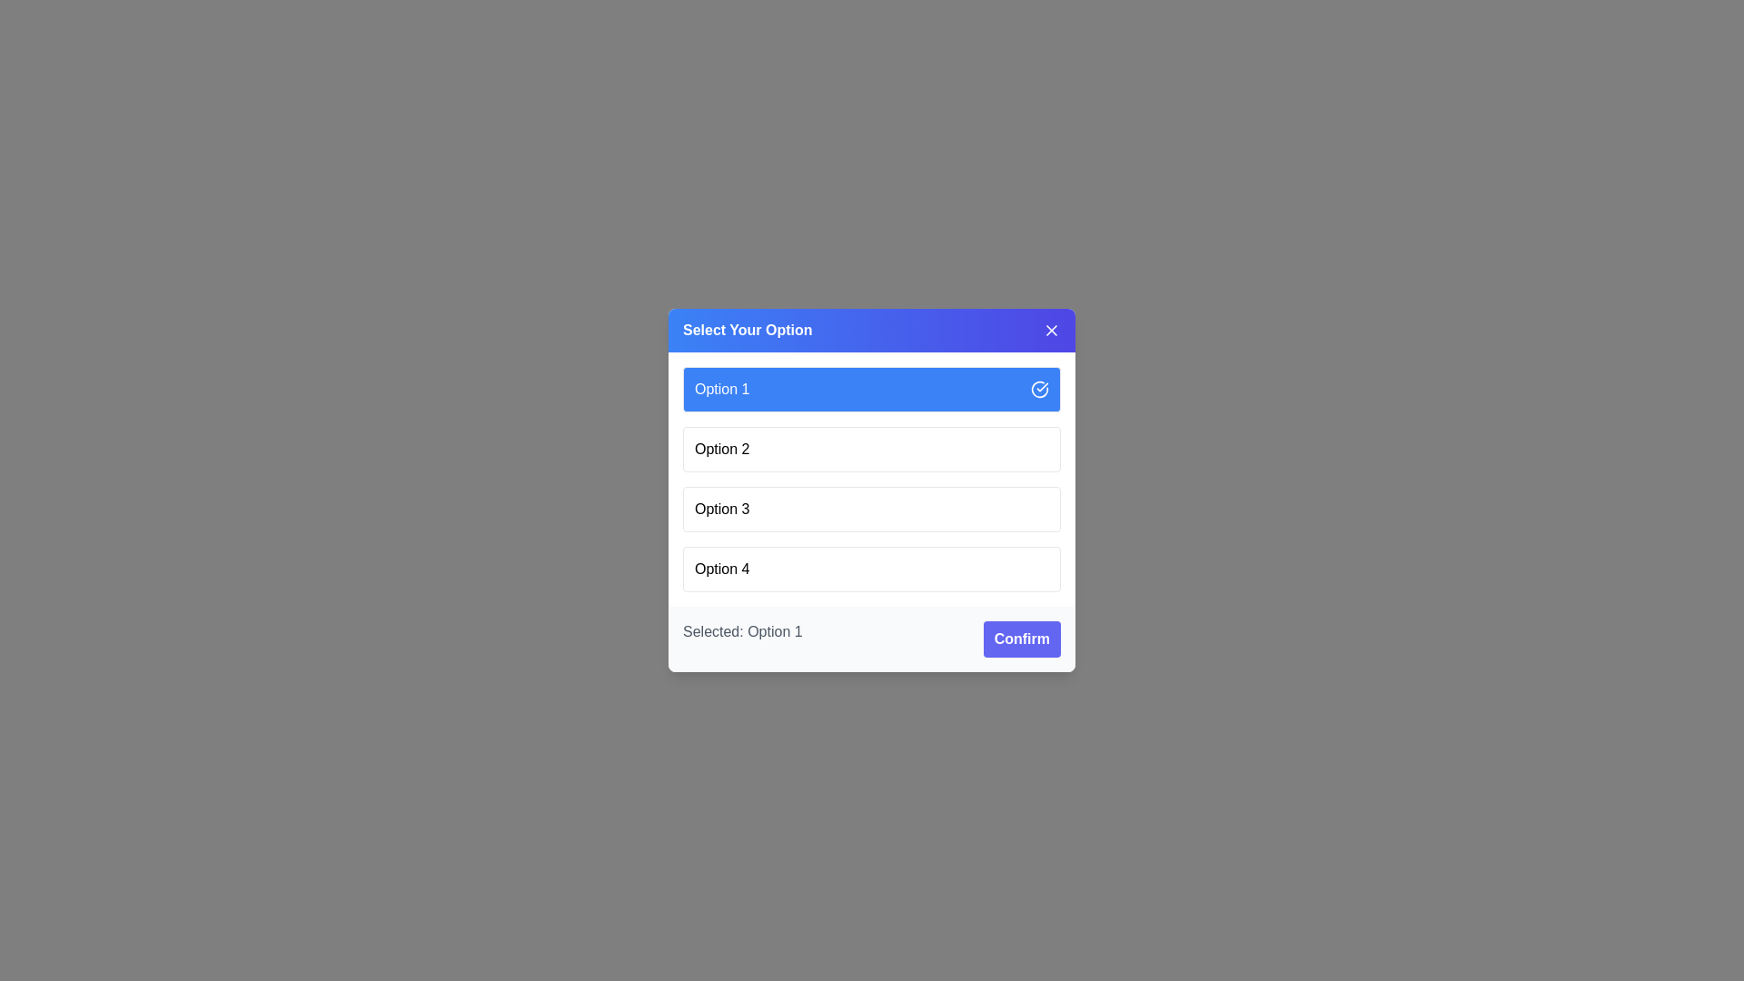 This screenshot has width=1744, height=981. Describe the element at coordinates (872, 449) in the screenshot. I see `the second selectable option in the list, labeled 'Option 2', to make it active for keyboard navigation` at that location.